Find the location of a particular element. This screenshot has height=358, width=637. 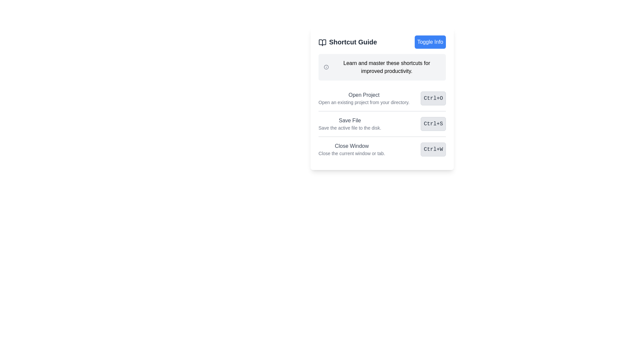

the text label displaying 'Save File' in gray color, located in the main content panel under 'Shortcut Guide', which is the second entry in the list of shortcut descriptions is located at coordinates (349, 120).